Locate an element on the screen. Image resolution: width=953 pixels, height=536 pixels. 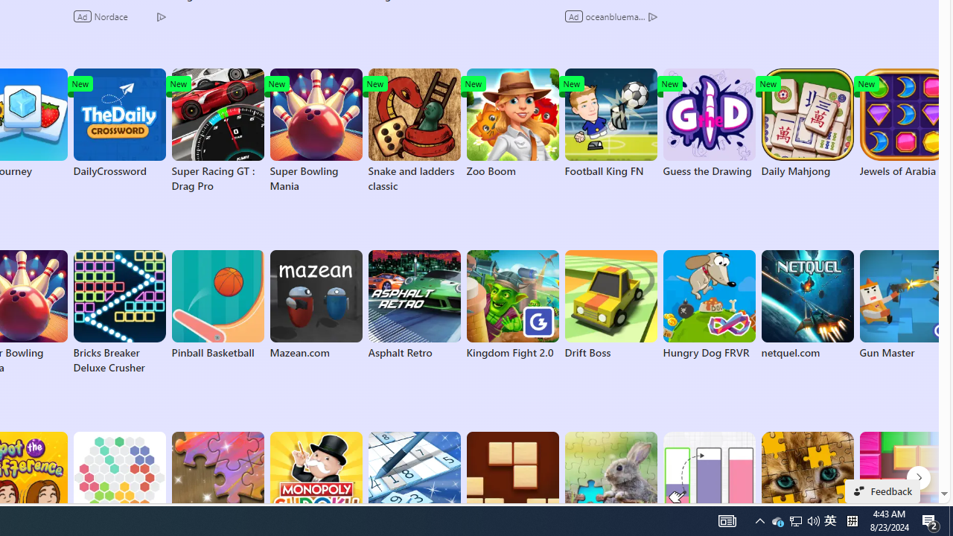
'Class: ad-choice  ad-choice-mono ' is located at coordinates (652, 16).